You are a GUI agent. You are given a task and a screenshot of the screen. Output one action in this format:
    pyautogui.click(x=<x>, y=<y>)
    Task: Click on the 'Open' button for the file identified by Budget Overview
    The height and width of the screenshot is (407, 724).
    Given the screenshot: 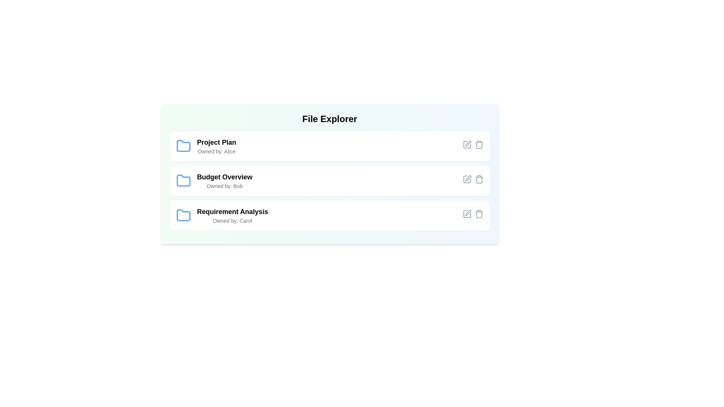 What is the action you would take?
    pyautogui.click(x=444, y=181)
    